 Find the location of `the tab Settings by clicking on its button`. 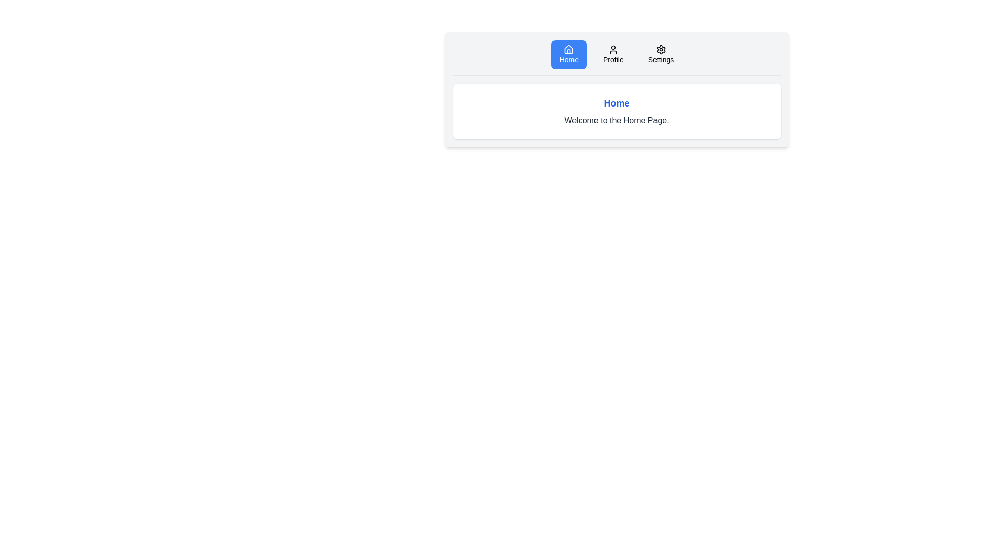

the tab Settings by clicking on its button is located at coordinates (661, 55).